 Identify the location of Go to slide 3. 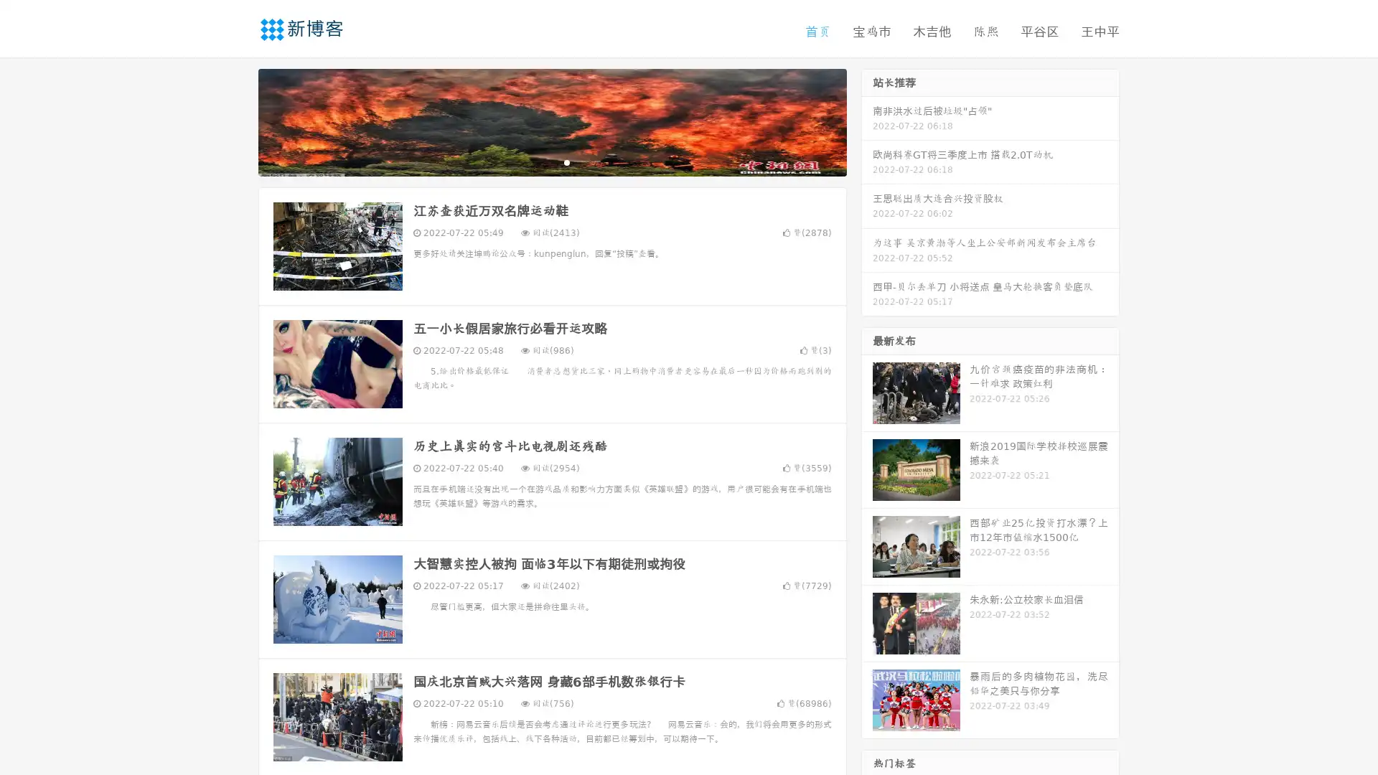
(566, 161).